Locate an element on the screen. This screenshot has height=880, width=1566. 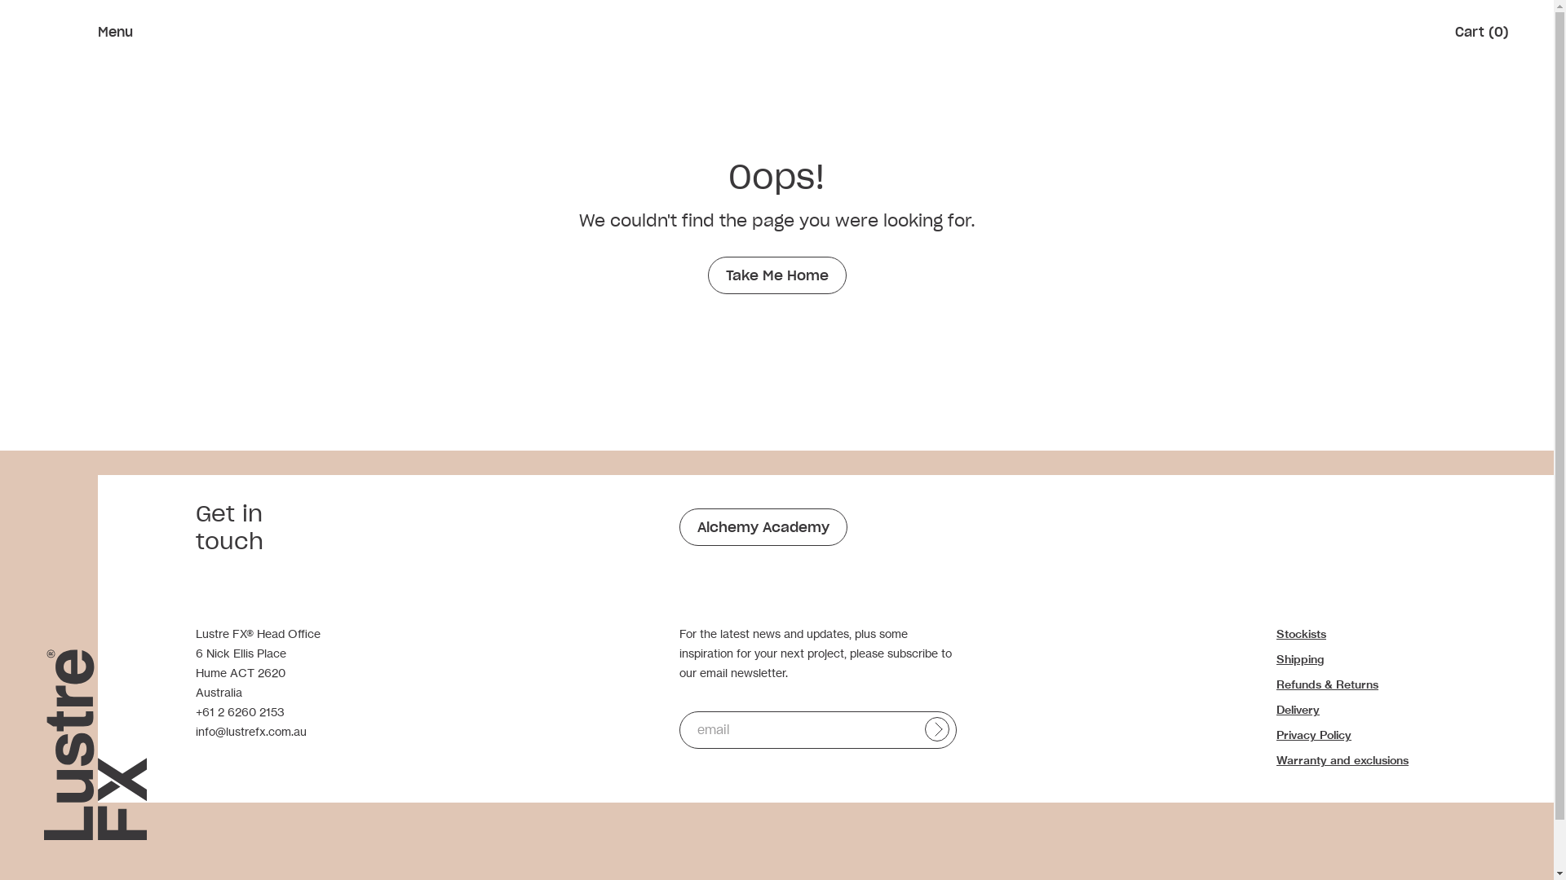
'Shipping' is located at coordinates (1275, 658).